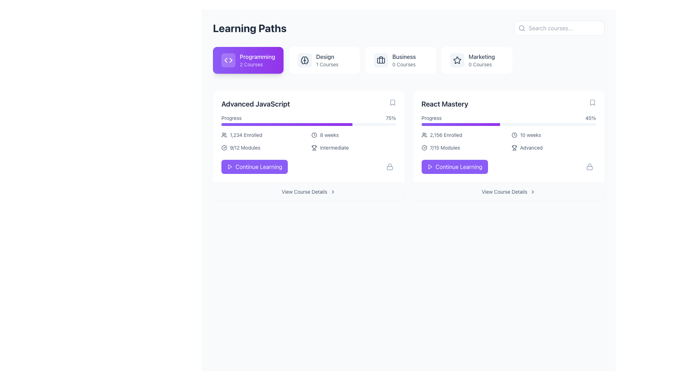 The height and width of the screenshot is (381, 678). I want to click on the icon represented by angled brackets ('<>') within the 'Programming' card, located on the left side adjacent to the 'Programming' and '2 Courses' text, so click(228, 60).